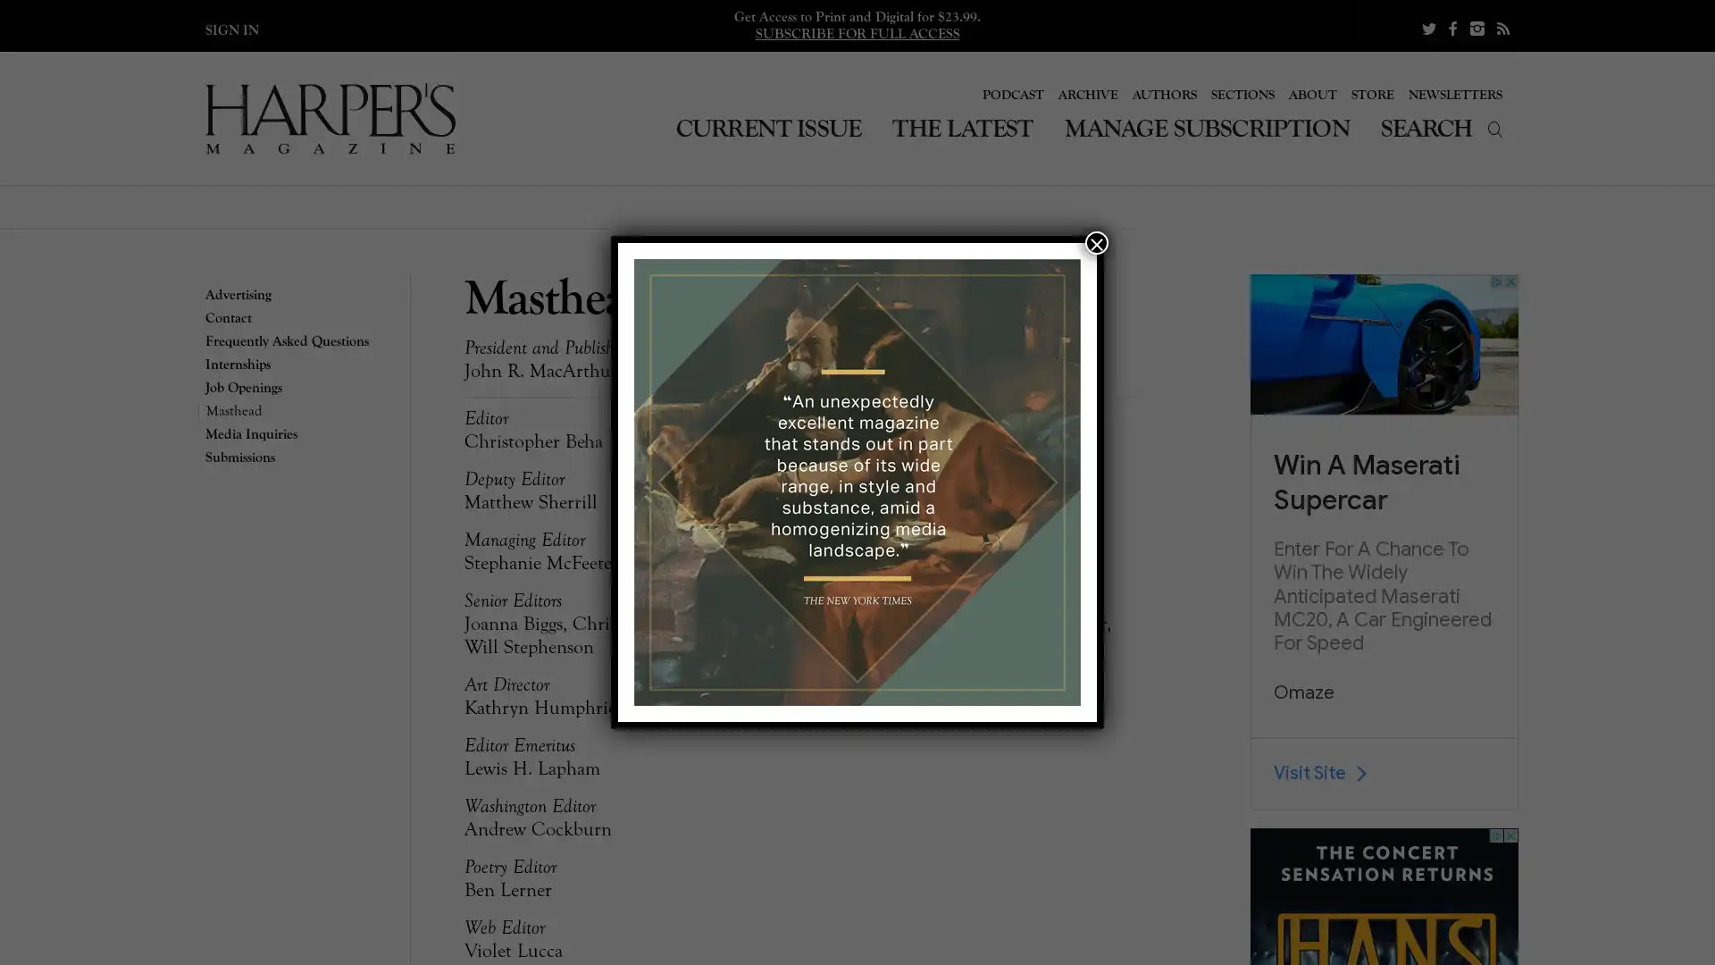 Image resolution: width=1715 pixels, height=965 pixels. Describe the element at coordinates (1096, 243) in the screenshot. I see `Close` at that location.